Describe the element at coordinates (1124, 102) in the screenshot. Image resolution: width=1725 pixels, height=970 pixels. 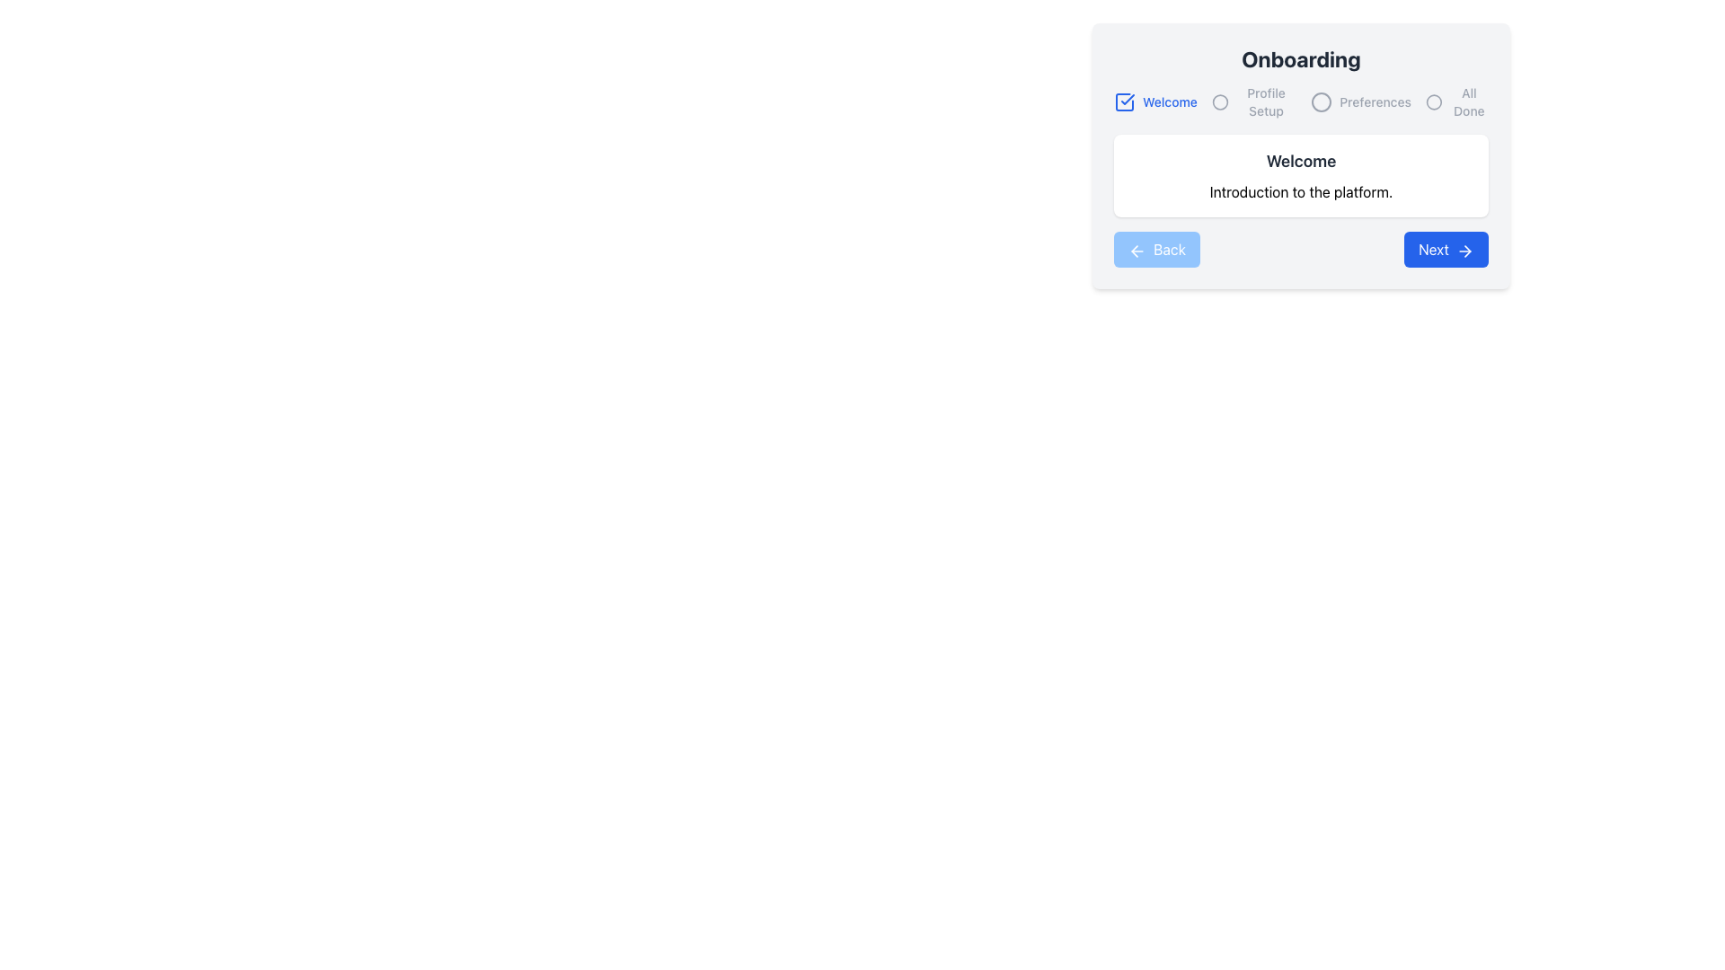
I see `the onboarding 'Welcome' icon, which visually indicates the active step in the onboarding process, located to the left of the 'Welcome' text label` at that location.